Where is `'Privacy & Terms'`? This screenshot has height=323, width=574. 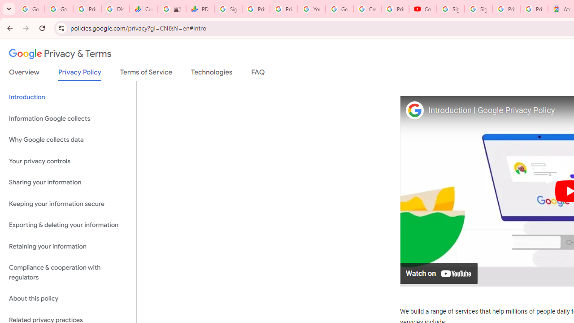 'Privacy & Terms' is located at coordinates (60, 54).